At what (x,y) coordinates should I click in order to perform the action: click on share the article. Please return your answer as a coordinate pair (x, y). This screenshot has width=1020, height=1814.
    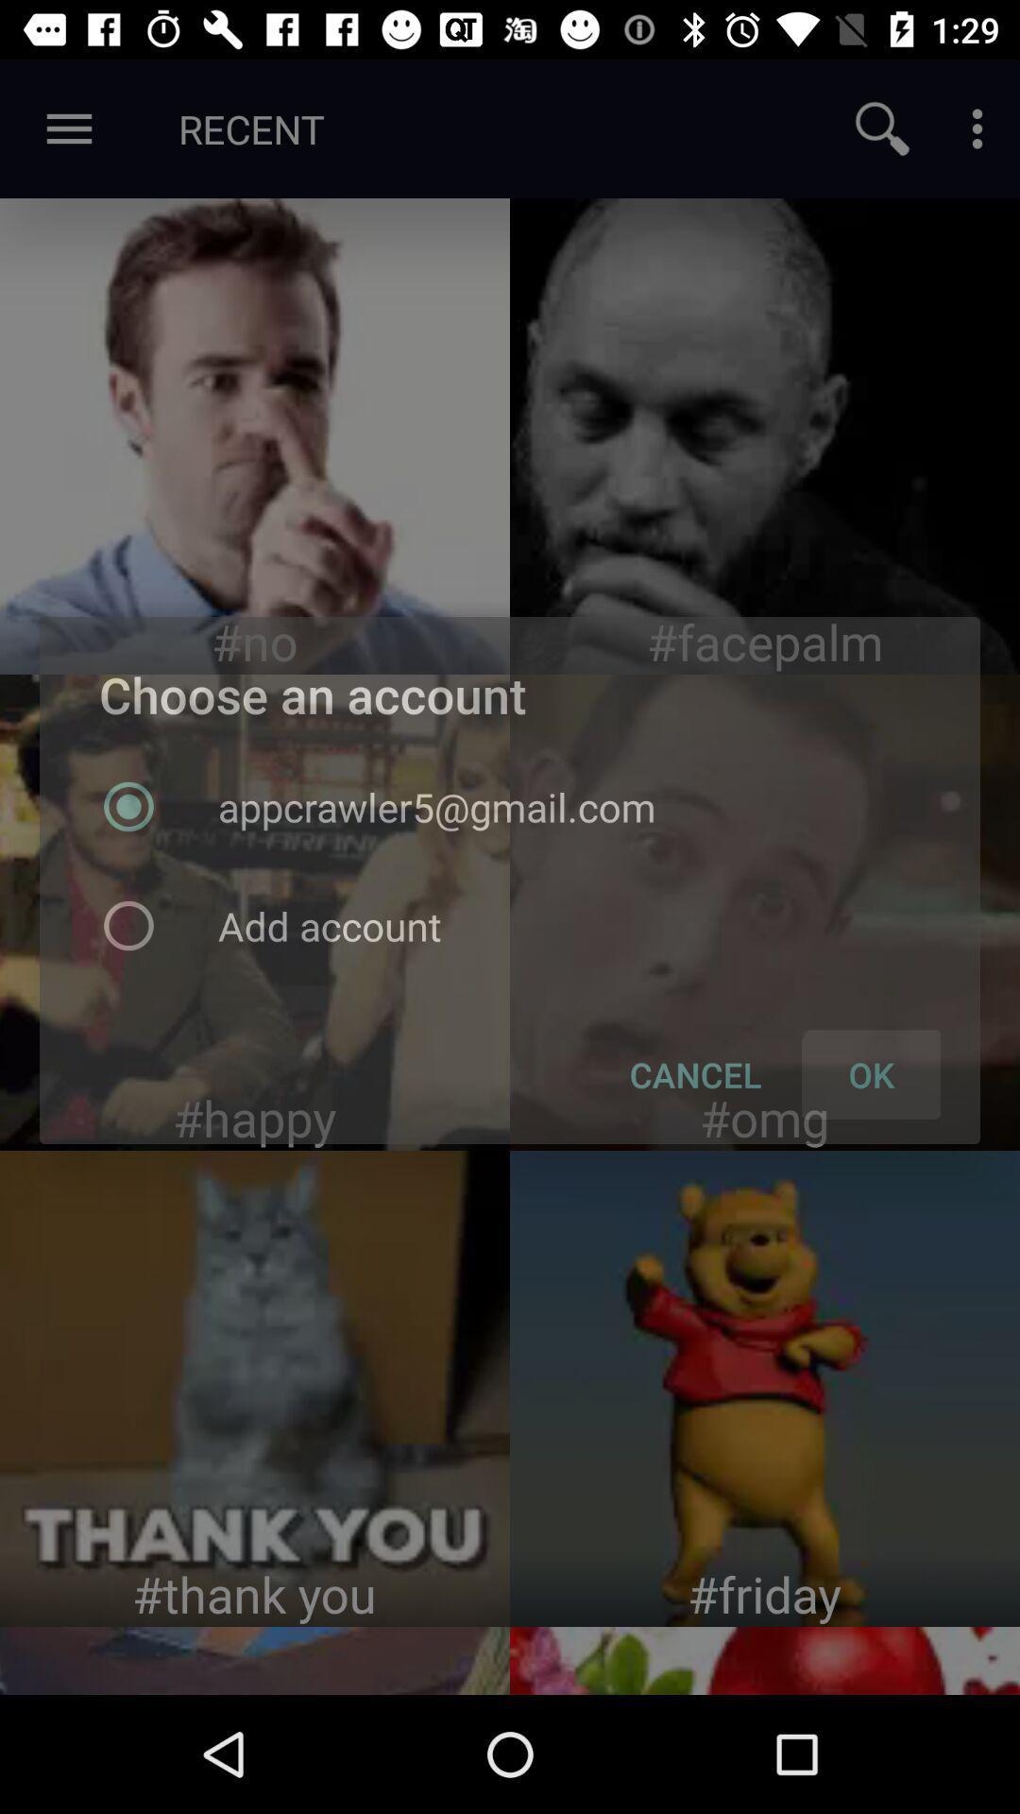
    Looking at the image, I should click on (765, 435).